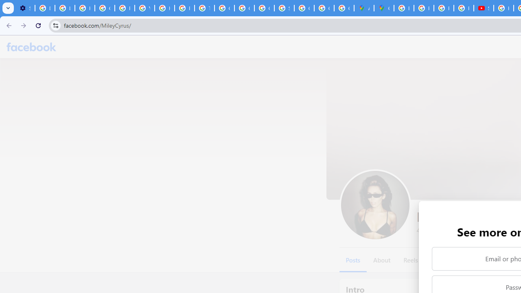 The height and width of the screenshot is (293, 521). I want to click on 'Privacy Help Center - Policies Help', so click(423, 8).